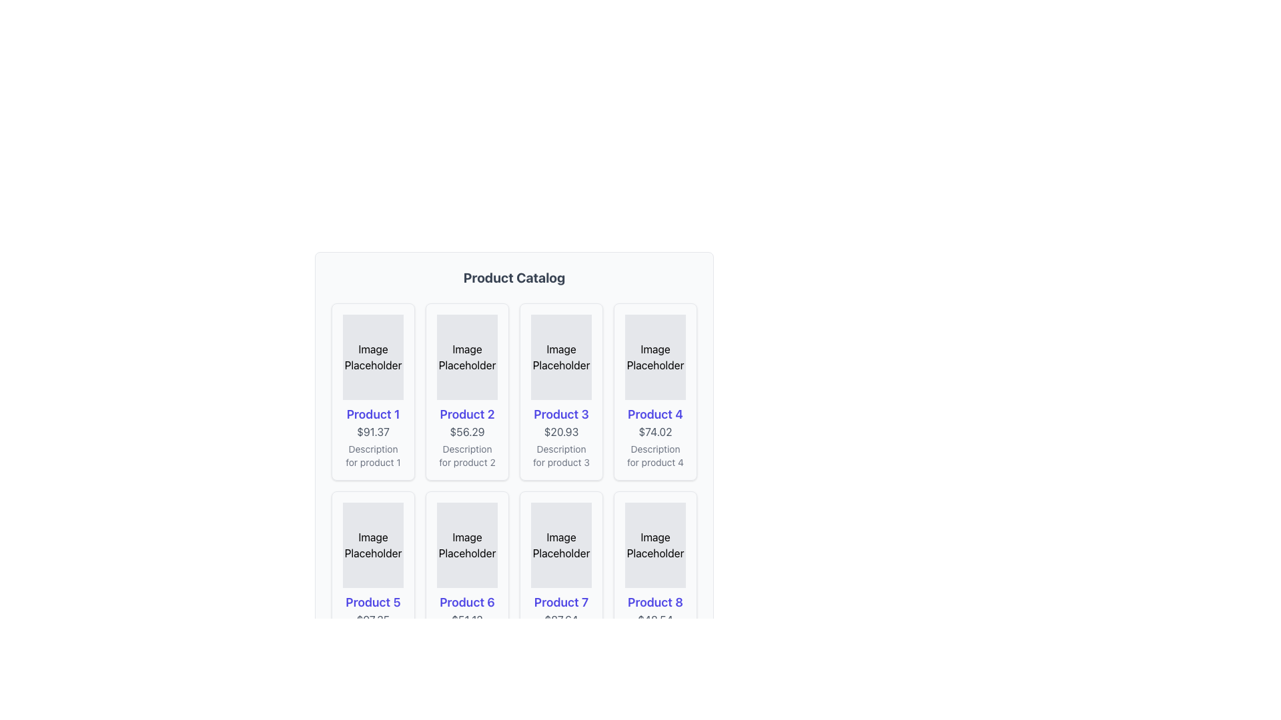  Describe the element at coordinates (561, 357) in the screenshot. I see `the 'Image Placeholder' for 'Product 3', which is a rectangular box with centered text, located in the first row, third column of the product grid` at that location.